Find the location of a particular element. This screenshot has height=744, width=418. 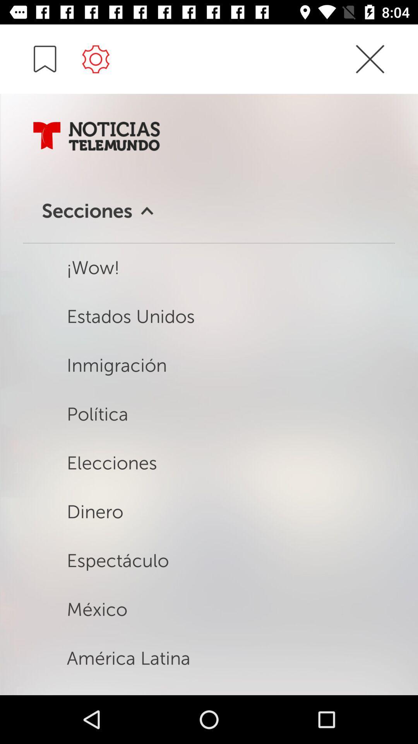

the weather icon is located at coordinates (95, 59).